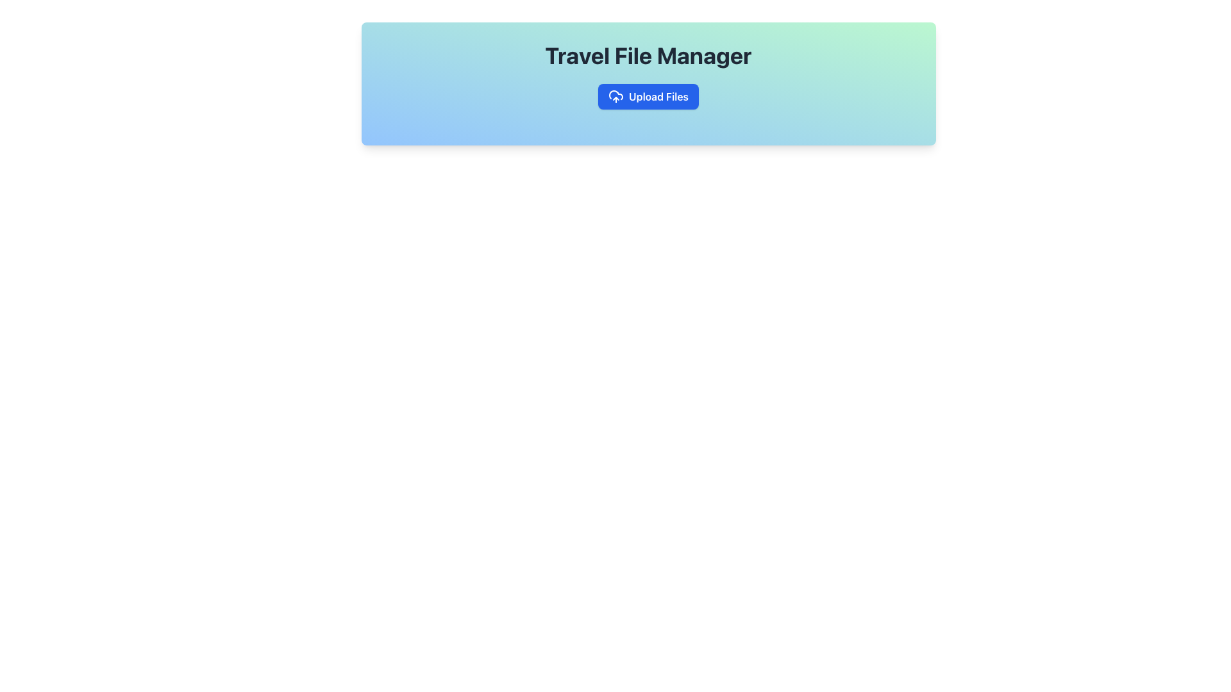 This screenshot has width=1231, height=692. I want to click on the blue 'Upload Files' button with a white cloud upload icon located beneath the 'Travel File Manager' heading, so click(648, 95).